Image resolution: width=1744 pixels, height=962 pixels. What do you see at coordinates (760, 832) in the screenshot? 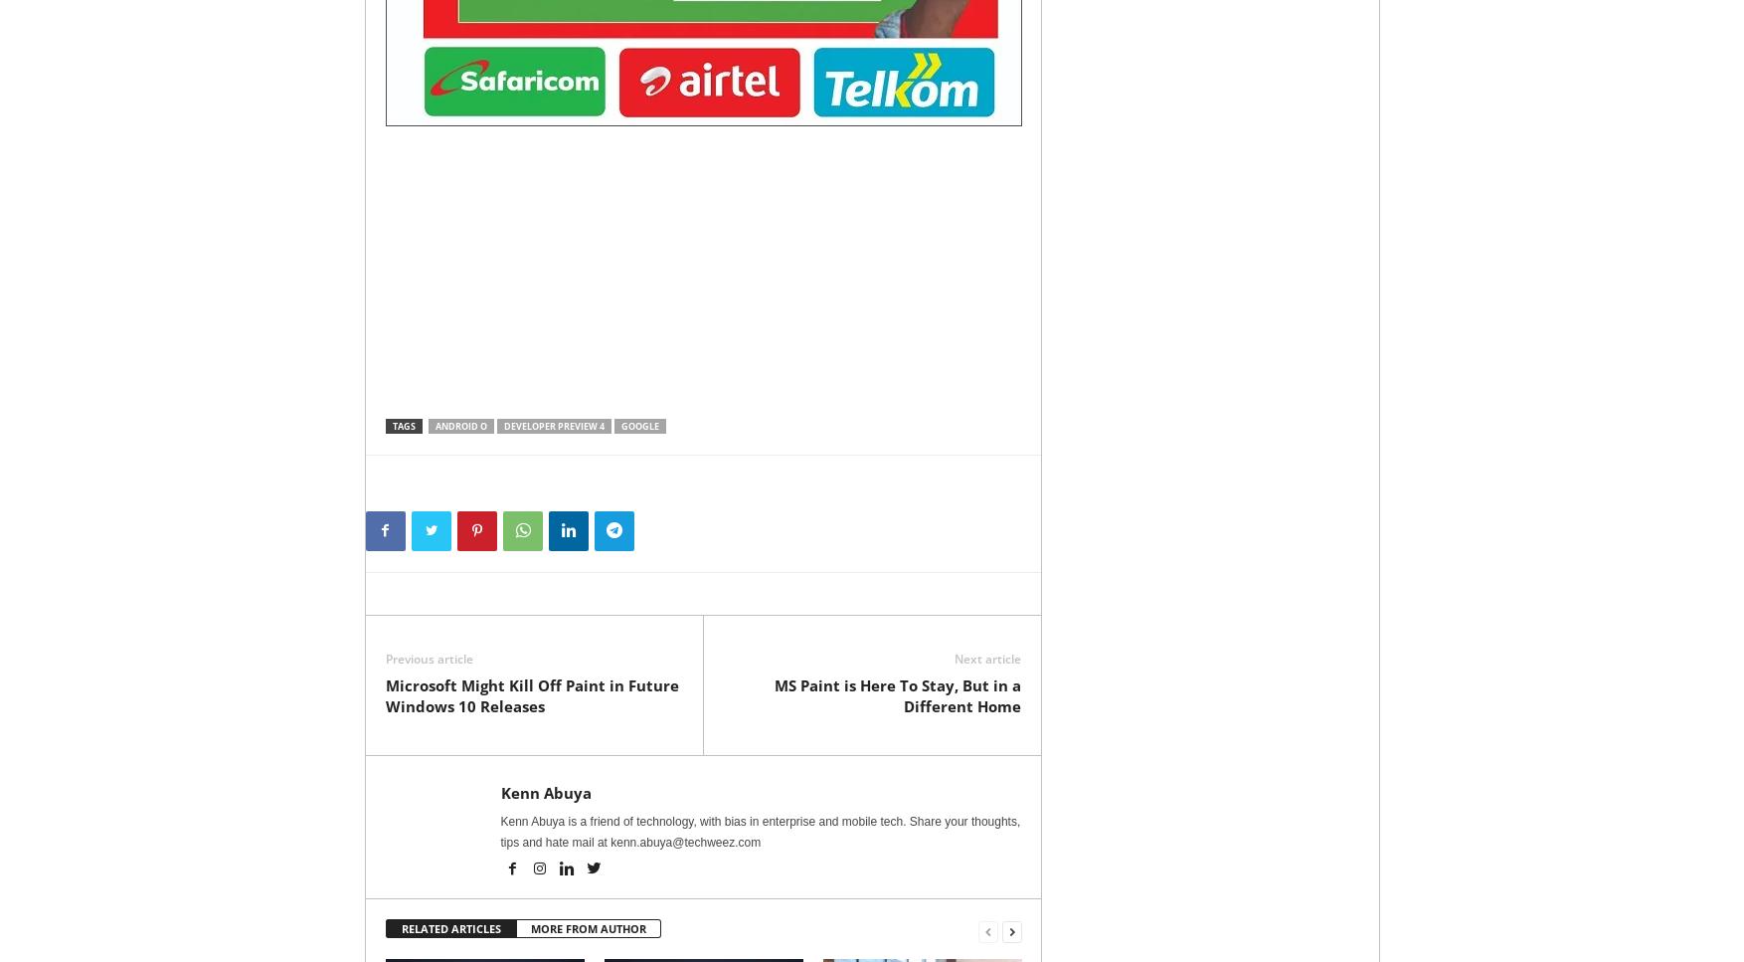
I see `'Kenn Abuya is a friend of technology, with bias in enterprise and mobile tech. Share your thoughts, tips and hate mail at'` at bounding box center [760, 832].